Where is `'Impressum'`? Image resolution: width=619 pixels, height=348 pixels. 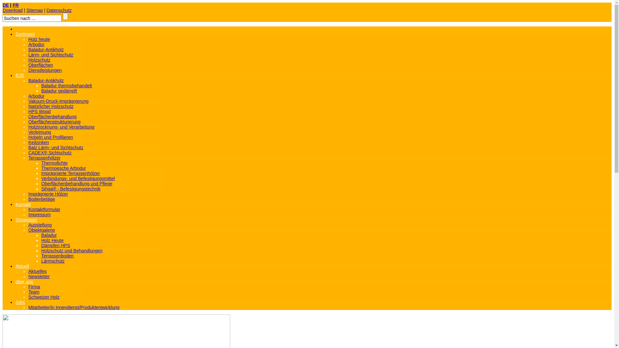
'Impressum' is located at coordinates (39, 215).